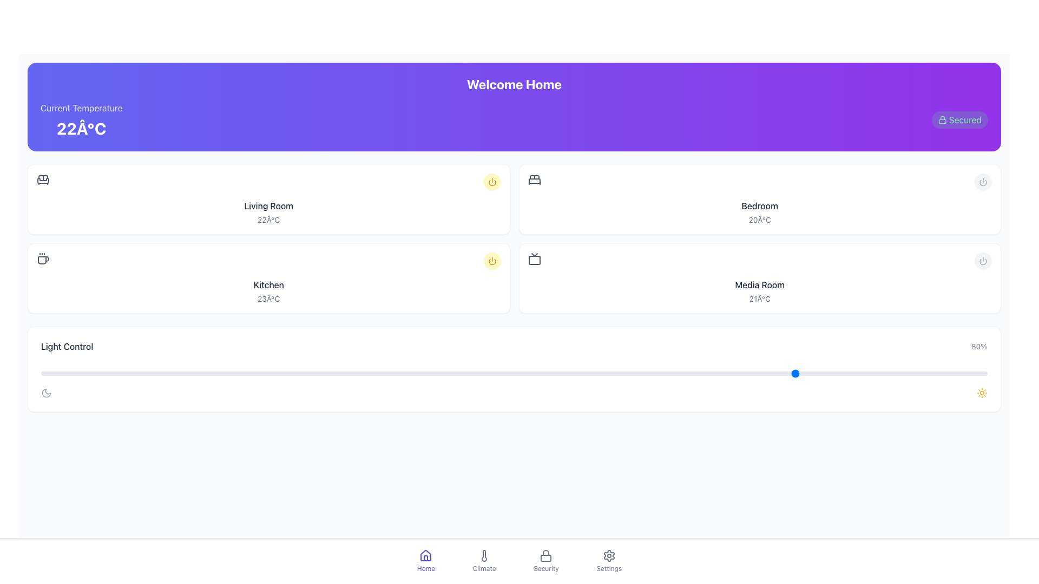 The height and width of the screenshot is (584, 1039). What do you see at coordinates (268, 284) in the screenshot?
I see `the static text label displaying the word 'Kitchen', which is centrally positioned above the temperature text '23°C'` at bounding box center [268, 284].